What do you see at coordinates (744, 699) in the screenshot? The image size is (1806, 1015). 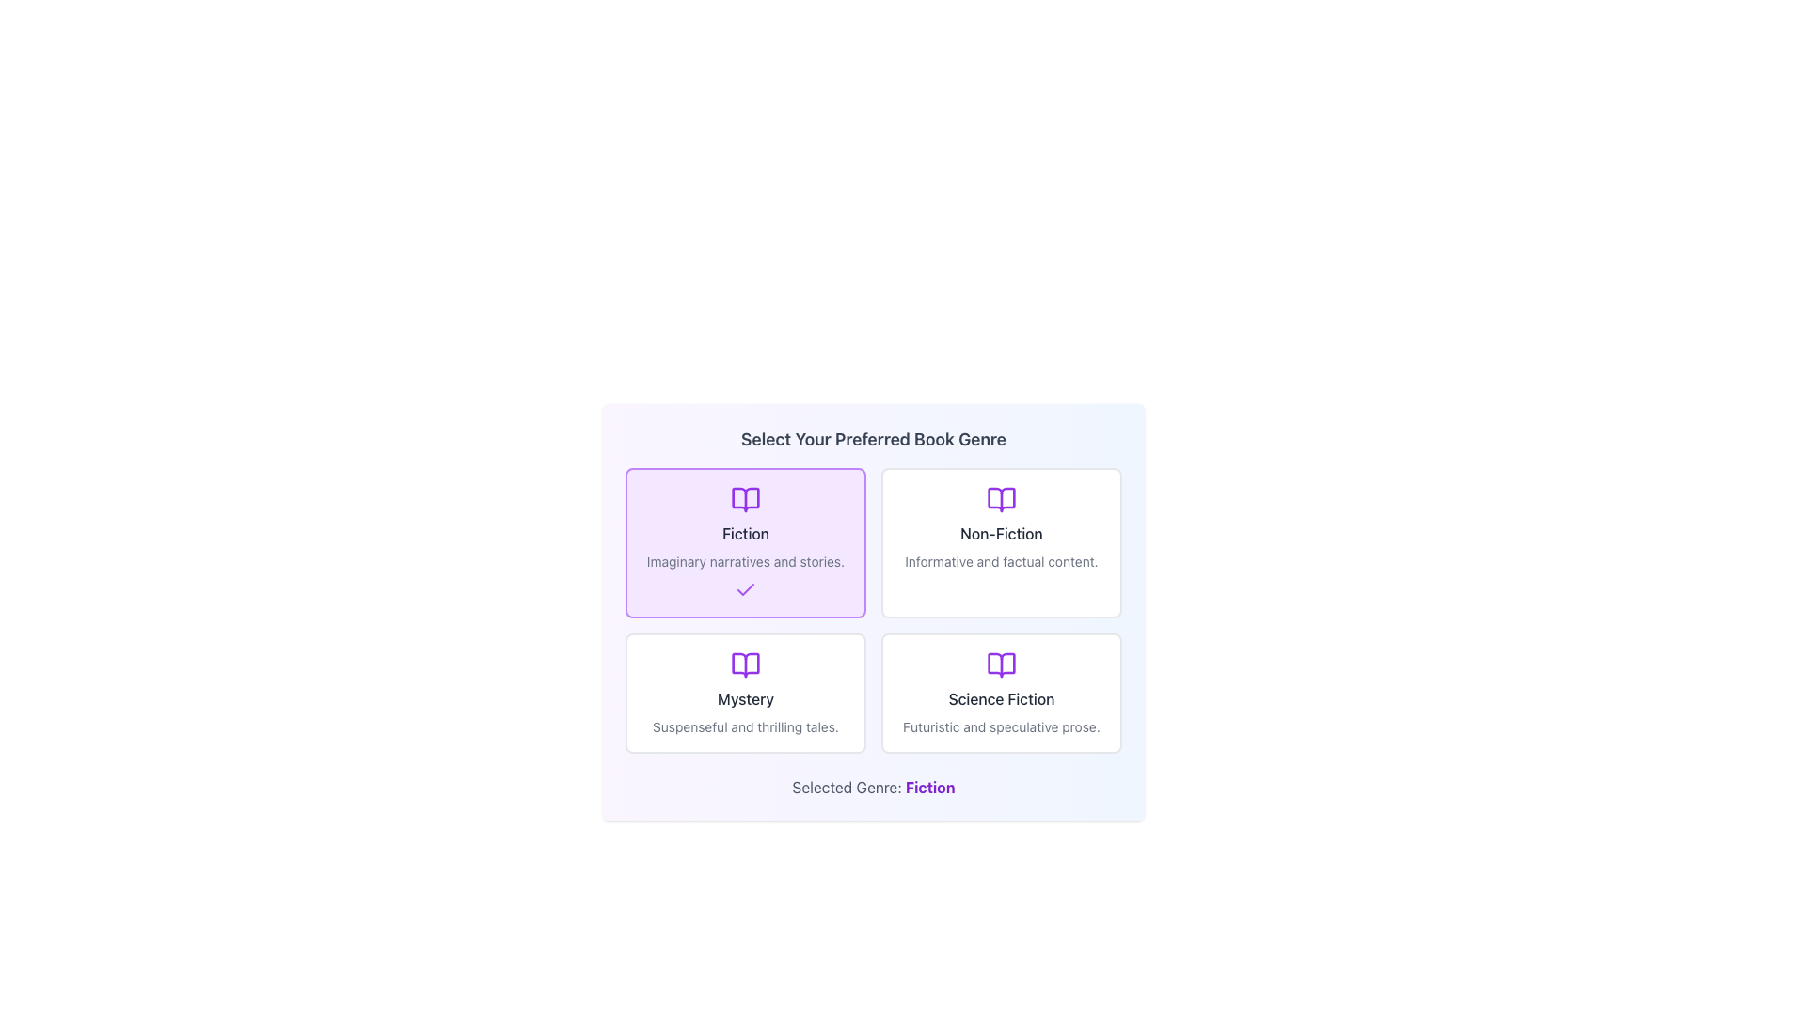 I see `the genre title label that displays the context for selecting a book genre, positioned in the upper section of the bottom-left genre selection card` at bounding box center [744, 699].